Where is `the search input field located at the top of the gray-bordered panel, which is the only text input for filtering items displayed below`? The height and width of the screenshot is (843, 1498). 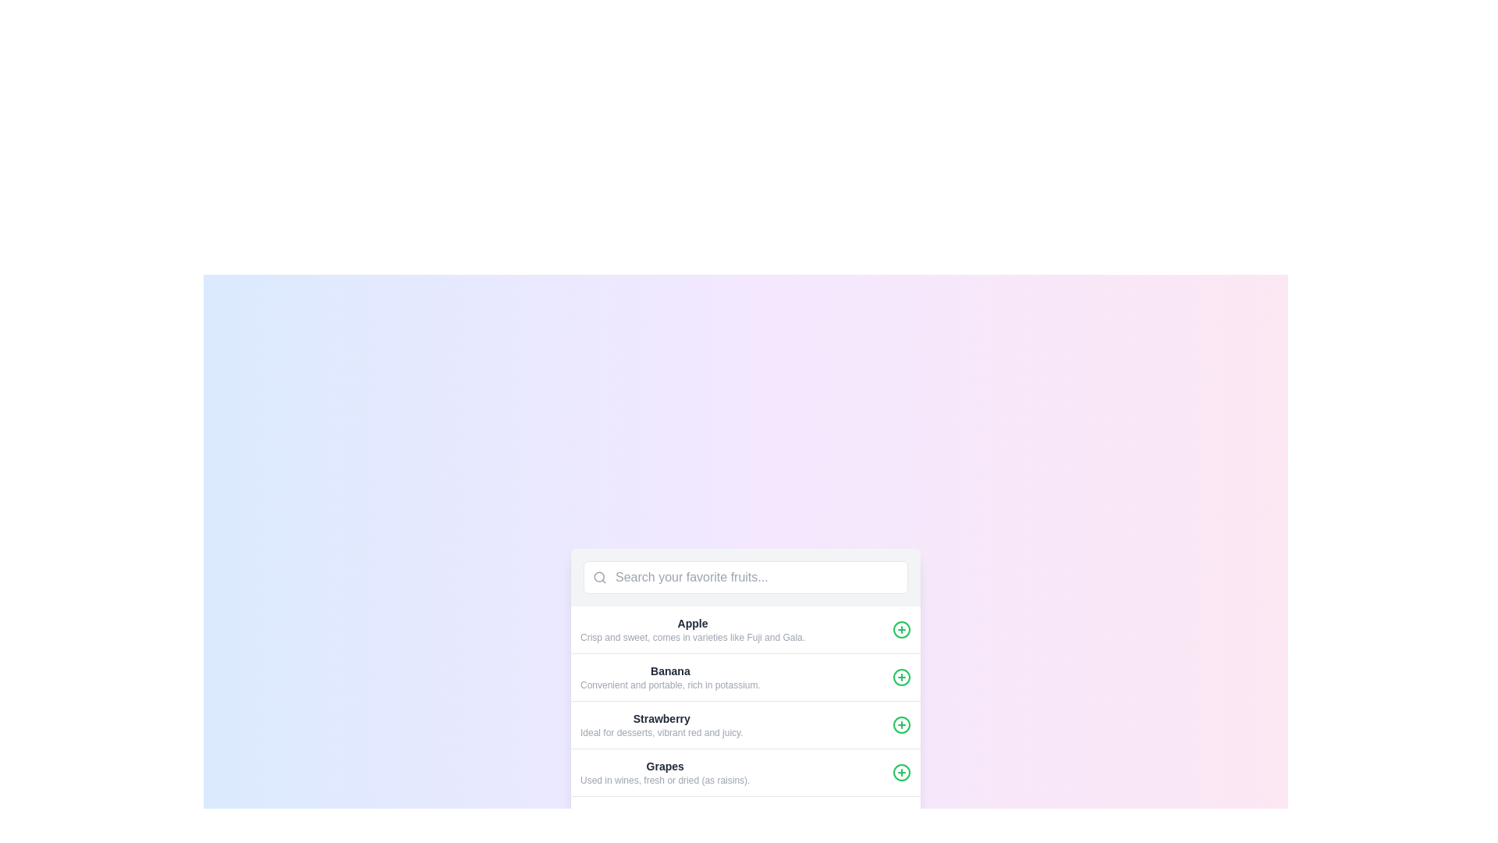
the search input field located at the top of the gray-bordered panel, which is the only text input for filtering items displayed below is located at coordinates (744, 578).